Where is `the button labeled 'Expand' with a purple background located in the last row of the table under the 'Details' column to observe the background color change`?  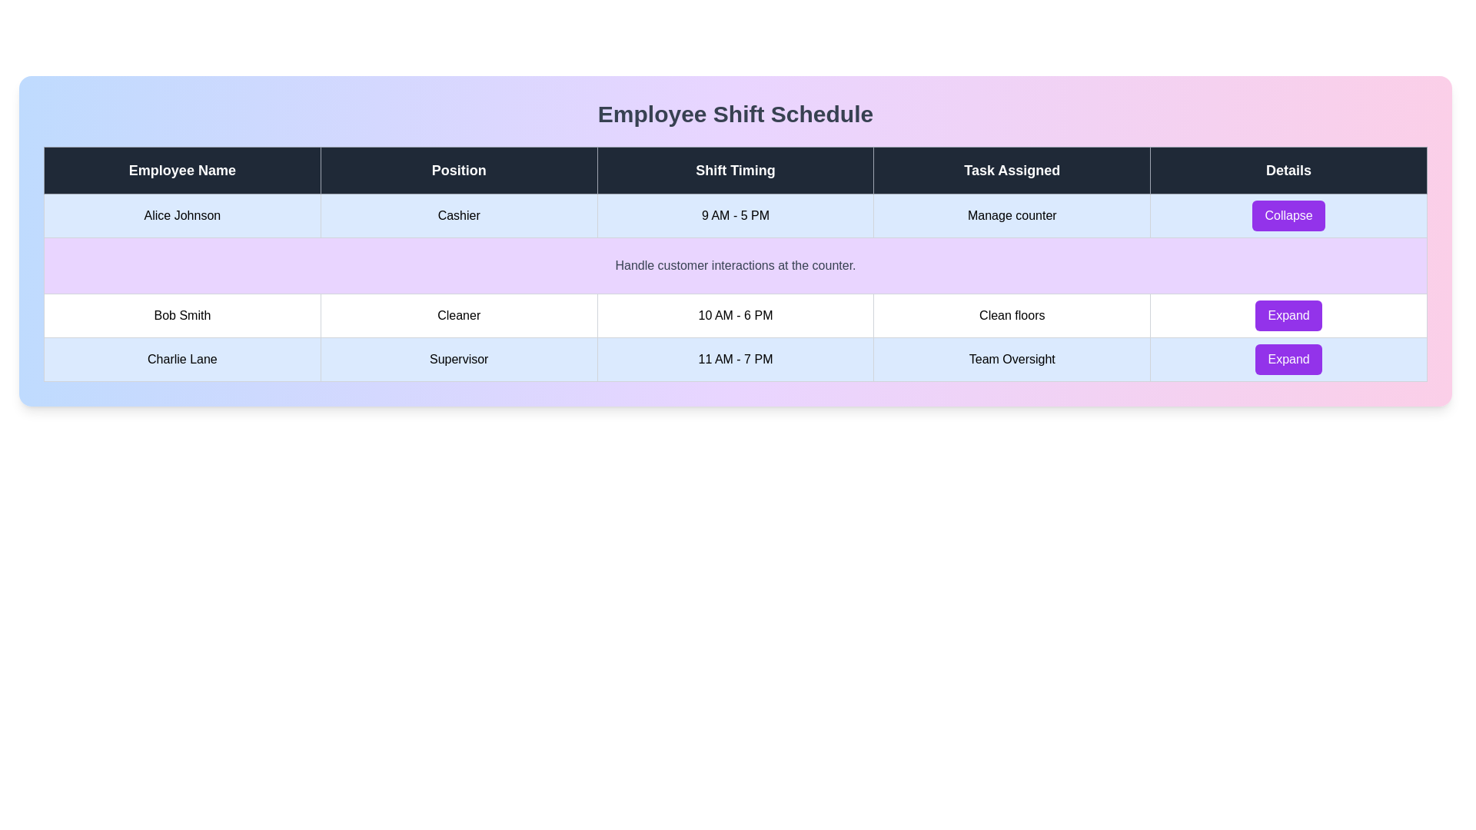
the button labeled 'Expand' with a purple background located in the last row of the table under the 'Details' column to observe the background color change is located at coordinates (1288, 359).